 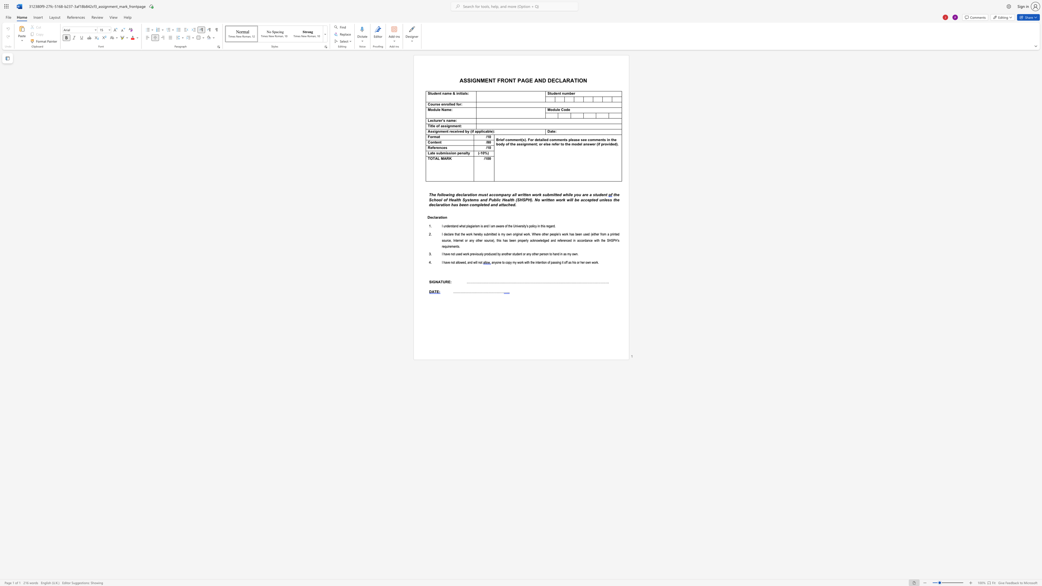 What do you see at coordinates (497, 199) in the screenshot?
I see `the subset text "ic H" within the text "School of Health Systems and Public Health (SHSPH)."` at bounding box center [497, 199].